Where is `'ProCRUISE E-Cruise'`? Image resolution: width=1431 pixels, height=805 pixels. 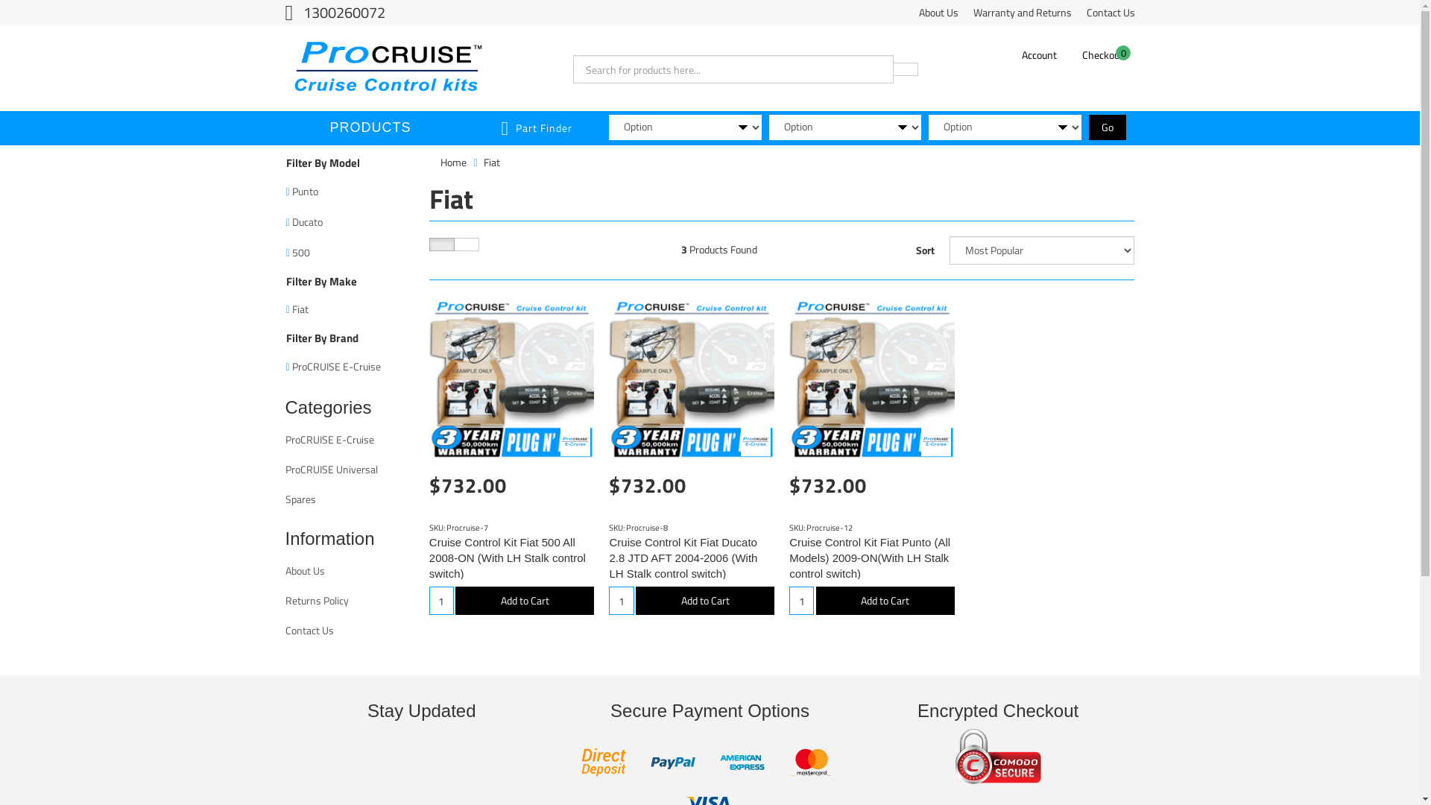
'ProCRUISE E-Cruise' is located at coordinates (348, 439).